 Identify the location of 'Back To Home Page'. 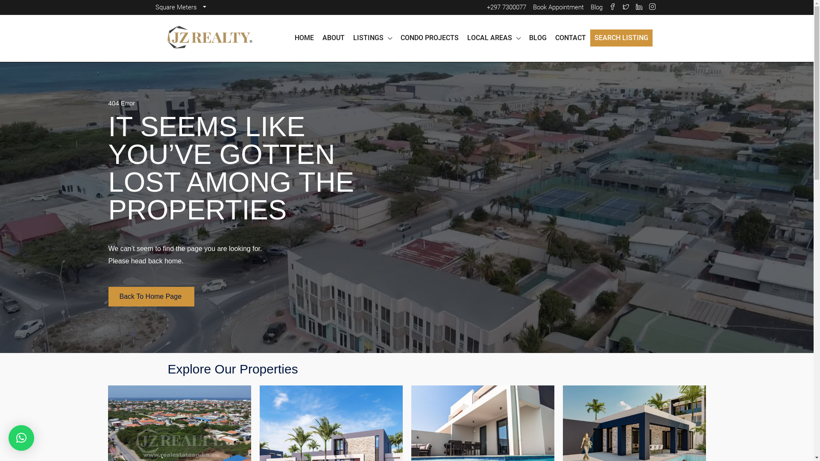
(152, 296).